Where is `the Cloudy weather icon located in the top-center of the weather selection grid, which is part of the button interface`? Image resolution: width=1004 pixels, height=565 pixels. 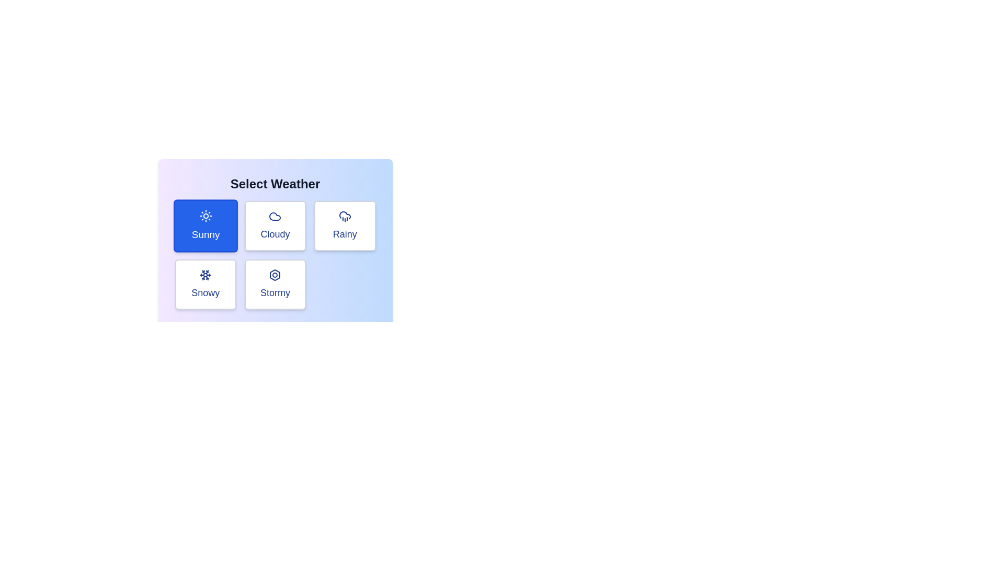 the Cloudy weather icon located in the top-center of the weather selection grid, which is part of the button interface is located at coordinates (275, 216).